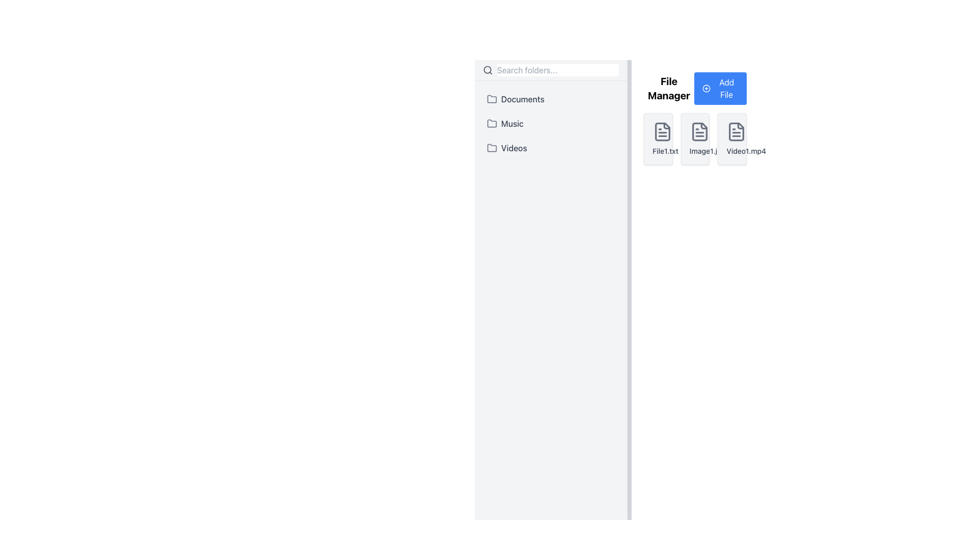 This screenshot has height=550, width=978. What do you see at coordinates (492, 99) in the screenshot?
I see `the folder icon located to the left of the 'Documents' label, which is styled in gray and has a rectangular shape with curved corners` at bounding box center [492, 99].